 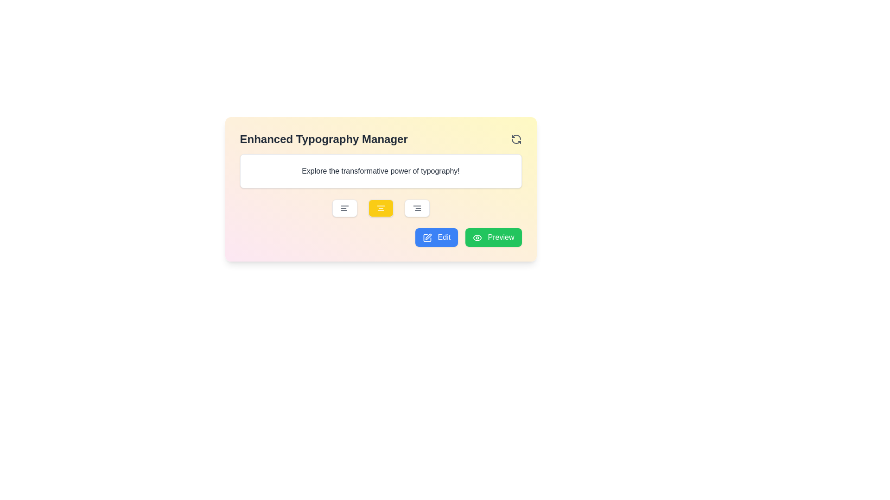 I want to click on the first rectangular button with a white background and dark gray icon of three horizontal lines, so click(x=344, y=208).